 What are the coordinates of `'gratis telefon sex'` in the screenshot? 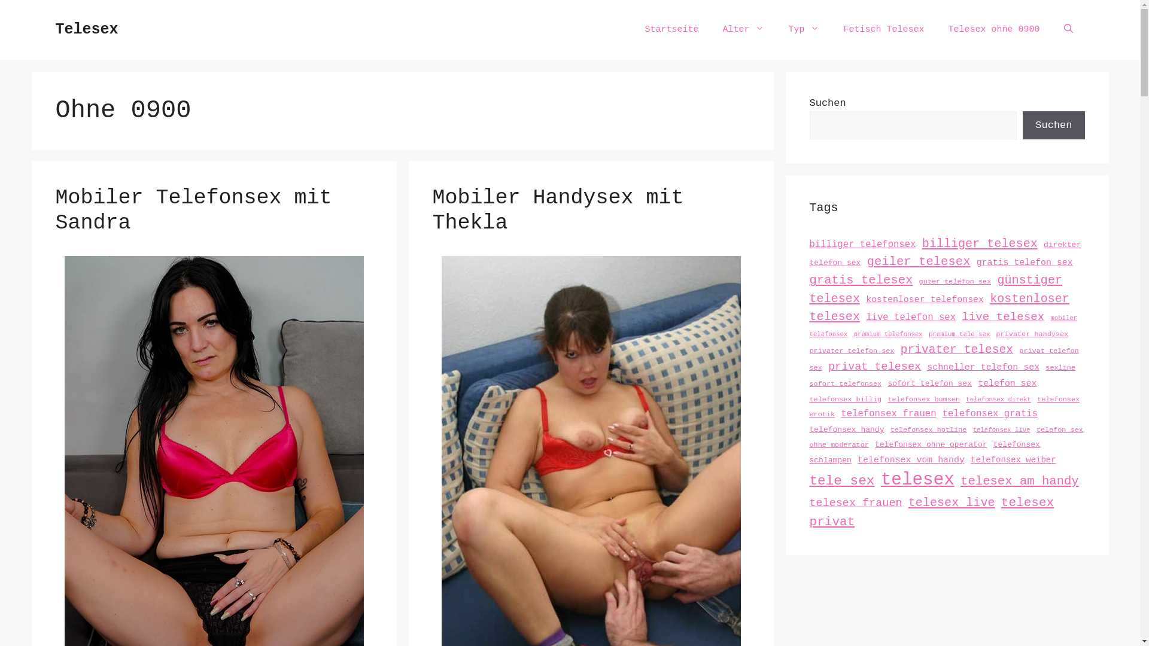 It's located at (1024, 262).